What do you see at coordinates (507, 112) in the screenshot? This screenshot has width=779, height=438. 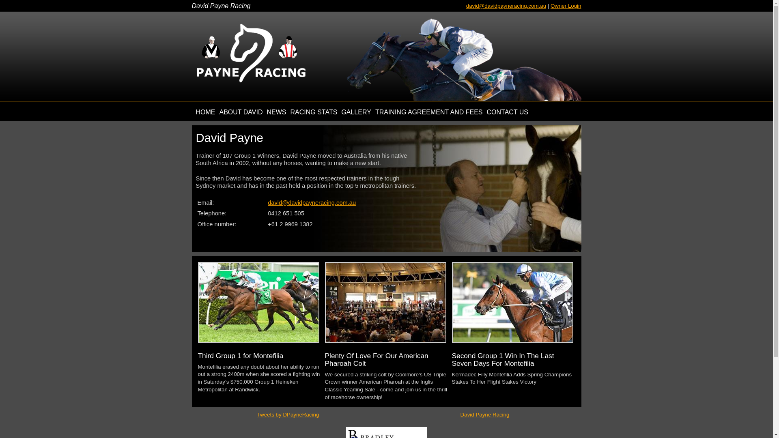 I see `'CONTACT US'` at bounding box center [507, 112].